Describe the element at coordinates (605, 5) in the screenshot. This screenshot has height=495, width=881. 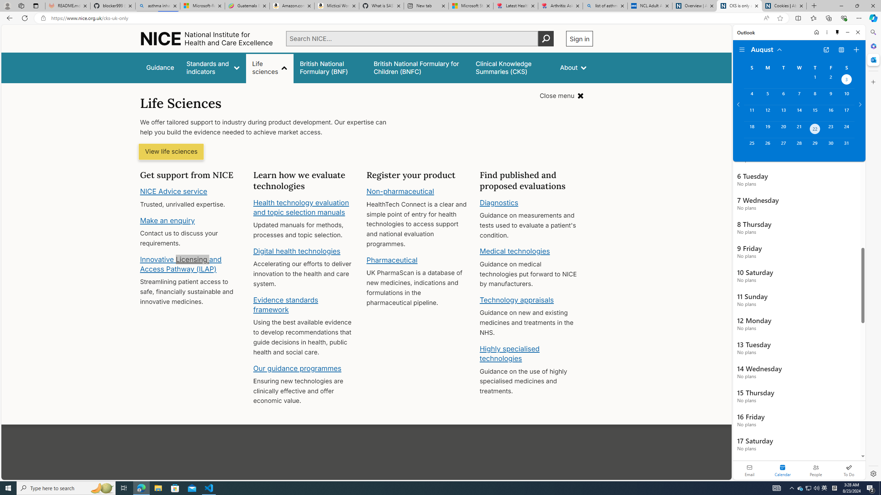
I see `'list of asthma inhalers uk - Search'` at that location.